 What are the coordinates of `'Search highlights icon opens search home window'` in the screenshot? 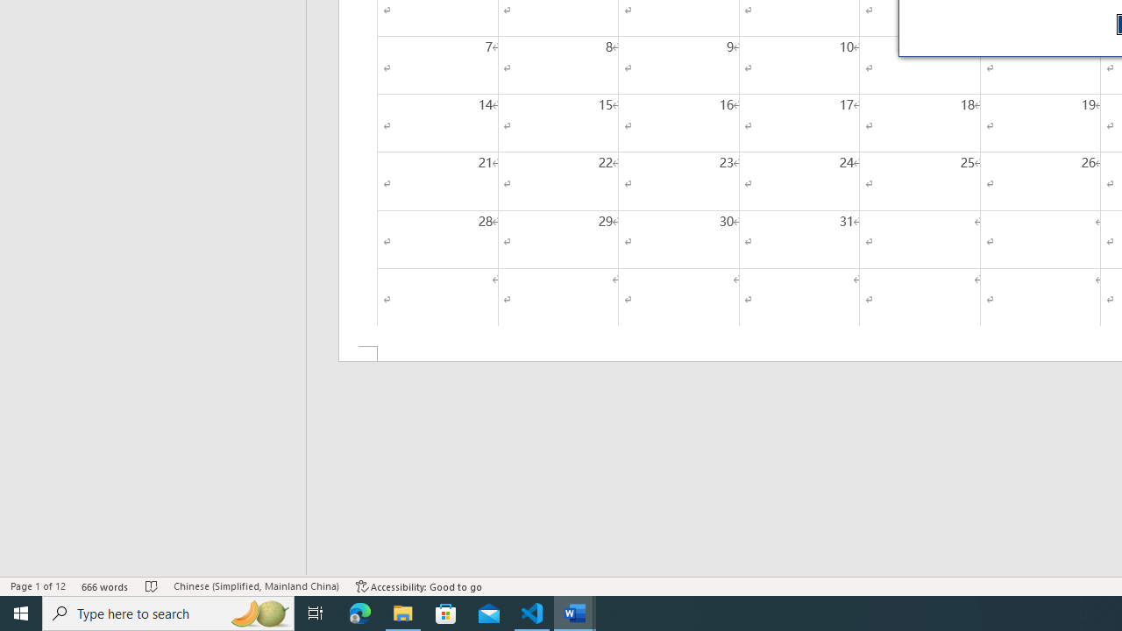 It's located at (258, 612).